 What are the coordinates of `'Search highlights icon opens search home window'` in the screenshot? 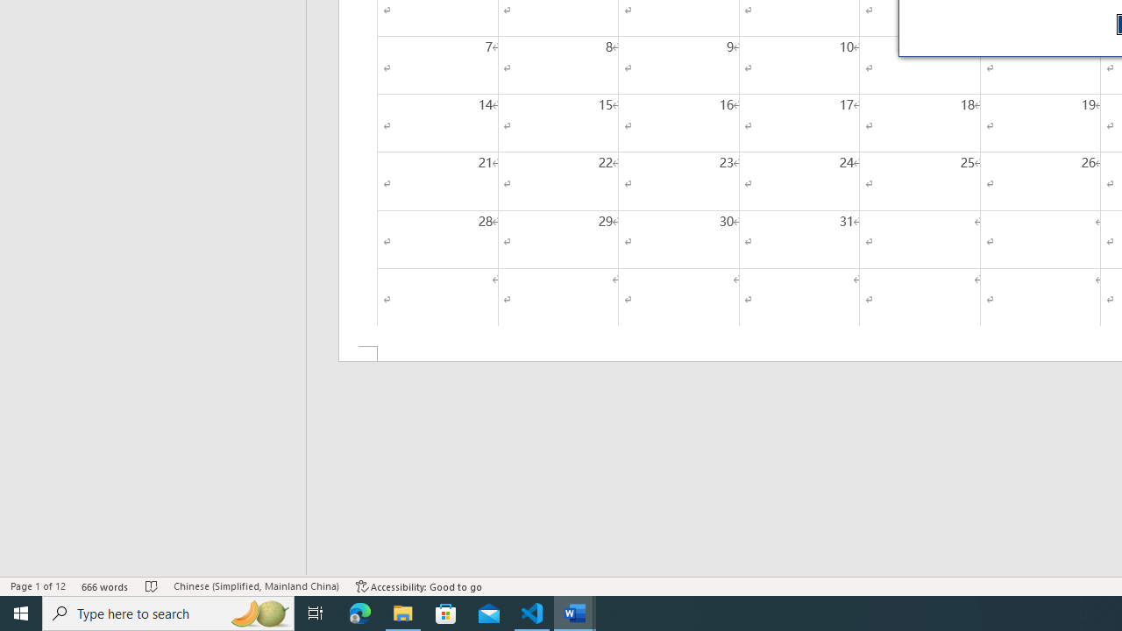 It's located at (258, 612).